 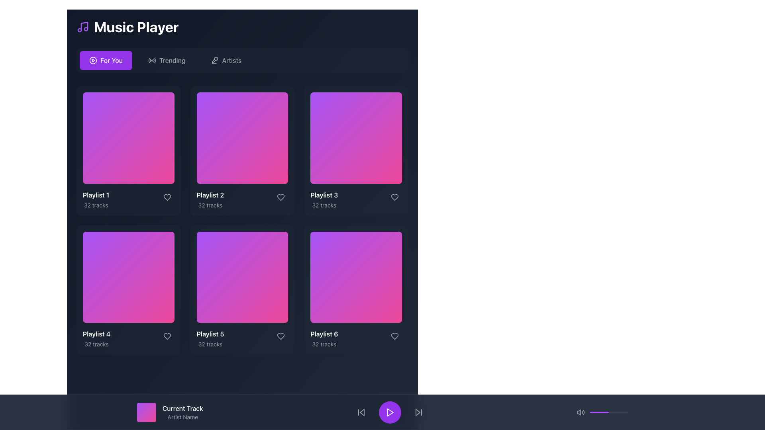 I want to click on the 'favorite' button associated with 'Playlist 2', so click(x=281, y=197).